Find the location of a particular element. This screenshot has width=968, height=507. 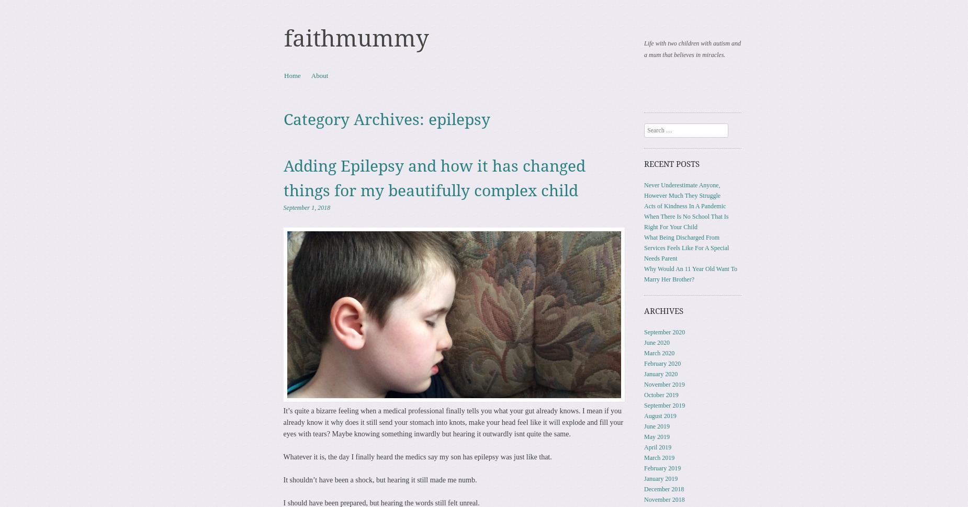

'It shouldn’t have been a shock, but hearing it still made me numb.' is located at coordinates (379, 479).